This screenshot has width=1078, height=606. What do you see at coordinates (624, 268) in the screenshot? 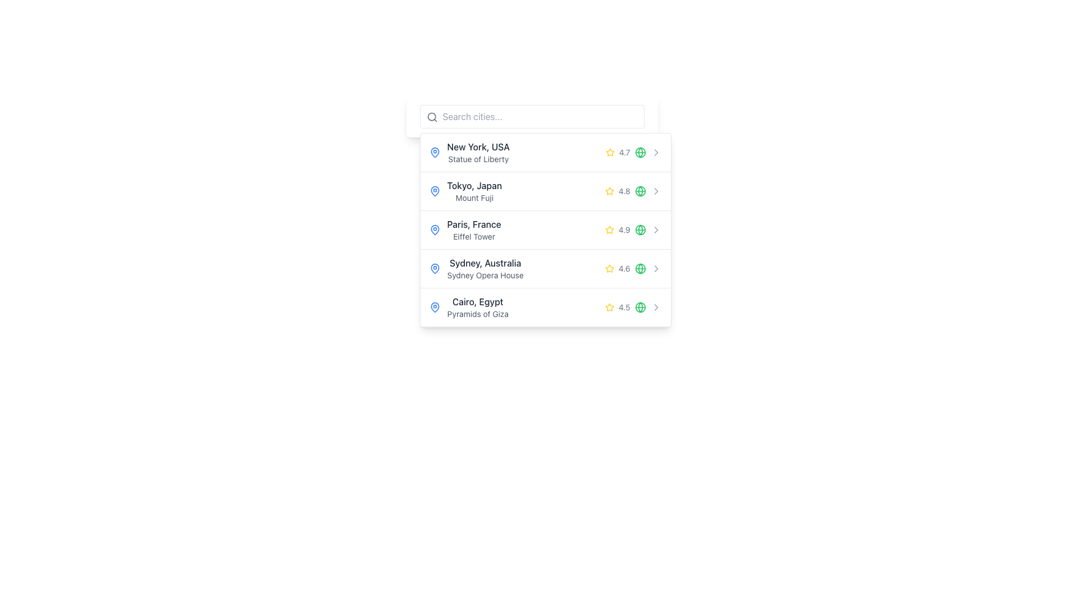
I see `the text label displaying the rating '4.6', which is styled in small light gray font and positioned next to a yellow star icon, located in the right-hand side of the list item referencing 'Sydney, Australia'` at bounding box center [624, 268].